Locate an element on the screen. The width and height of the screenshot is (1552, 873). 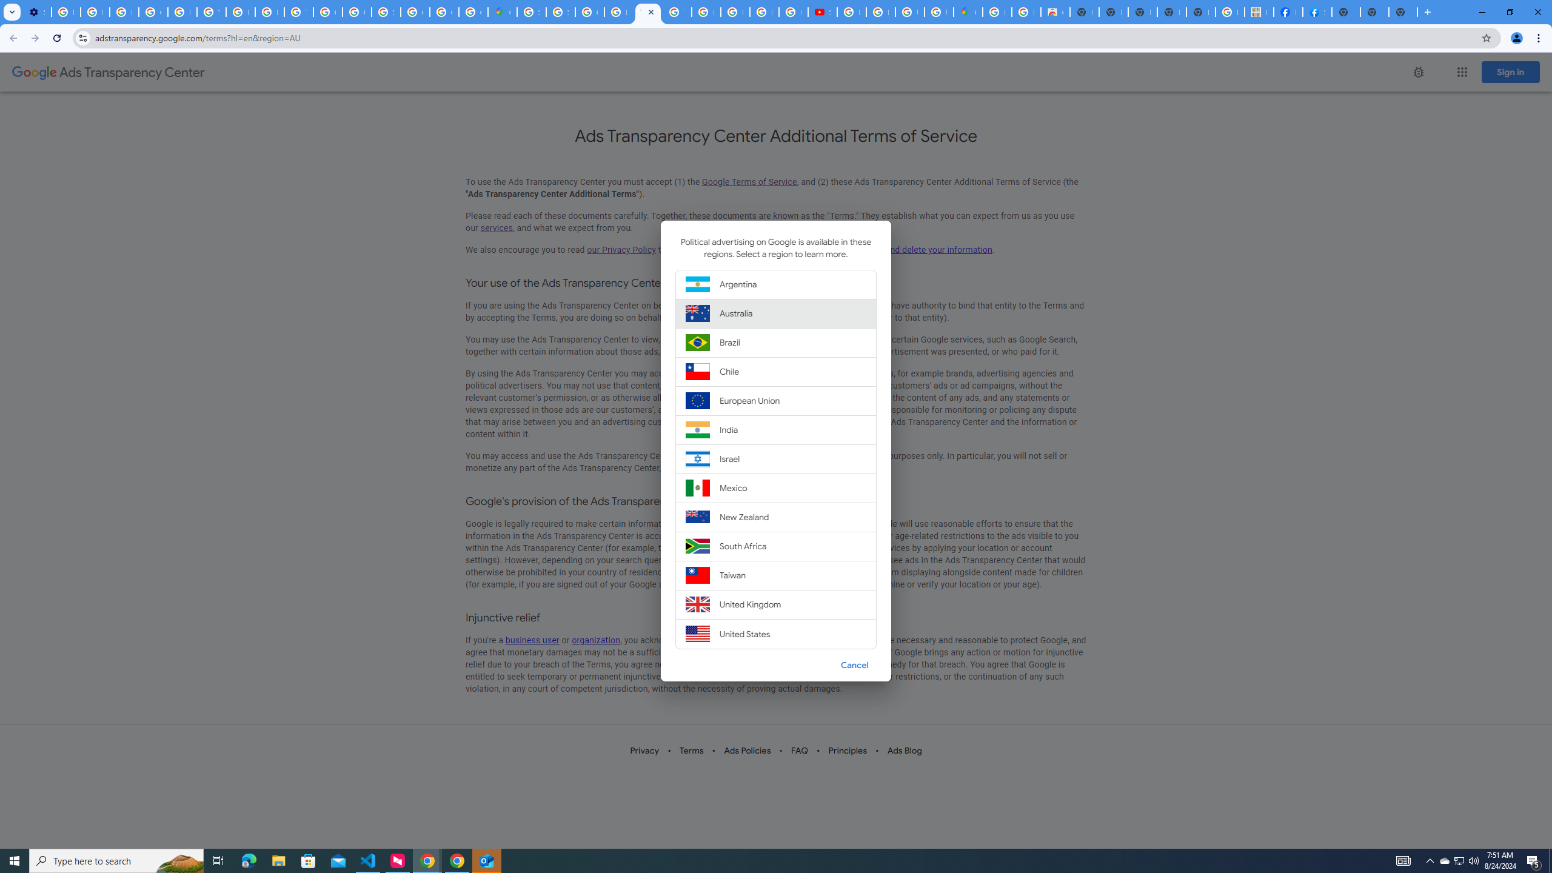
'Delete photos & videos - Computer - Google Photos Help' is located at coordinates (65, 12).